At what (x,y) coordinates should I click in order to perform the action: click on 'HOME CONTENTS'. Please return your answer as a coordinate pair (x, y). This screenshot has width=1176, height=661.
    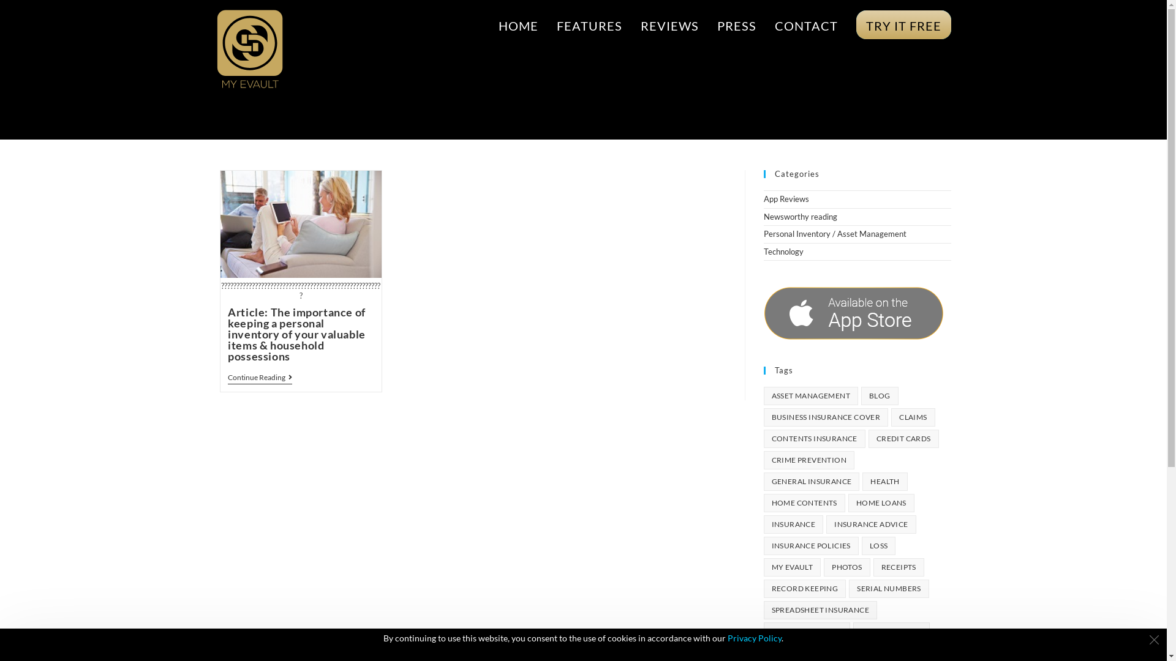
    Looking at the image, I should click on (804, 502).